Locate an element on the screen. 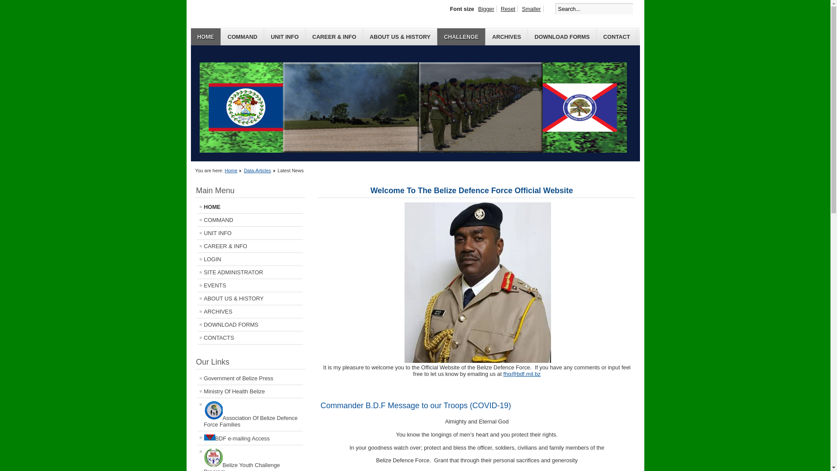  'Commander B.D.F Message to our Troops (COVID-19)' is located at coordinates (415, 405).